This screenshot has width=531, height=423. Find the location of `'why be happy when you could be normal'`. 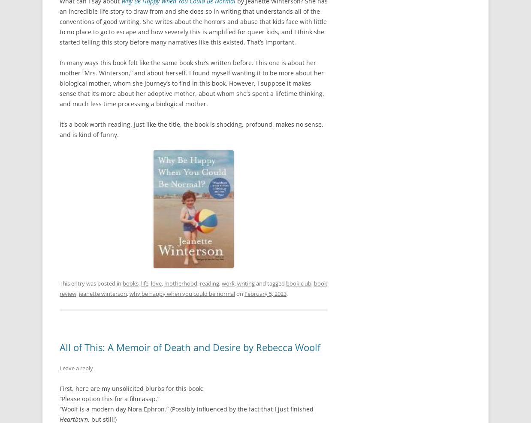

'why be happy when you could be normal' is located at coordinates (182, 293).